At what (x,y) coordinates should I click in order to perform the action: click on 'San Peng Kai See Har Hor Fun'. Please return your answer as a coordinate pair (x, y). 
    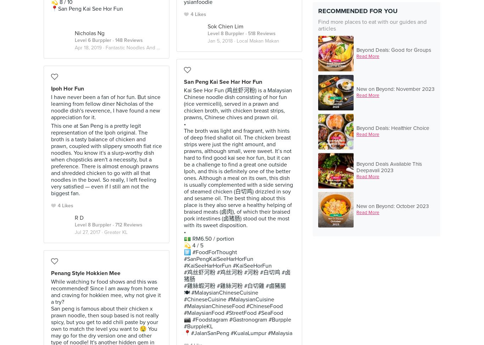
    Looking at the image, I should click on (223, 81).